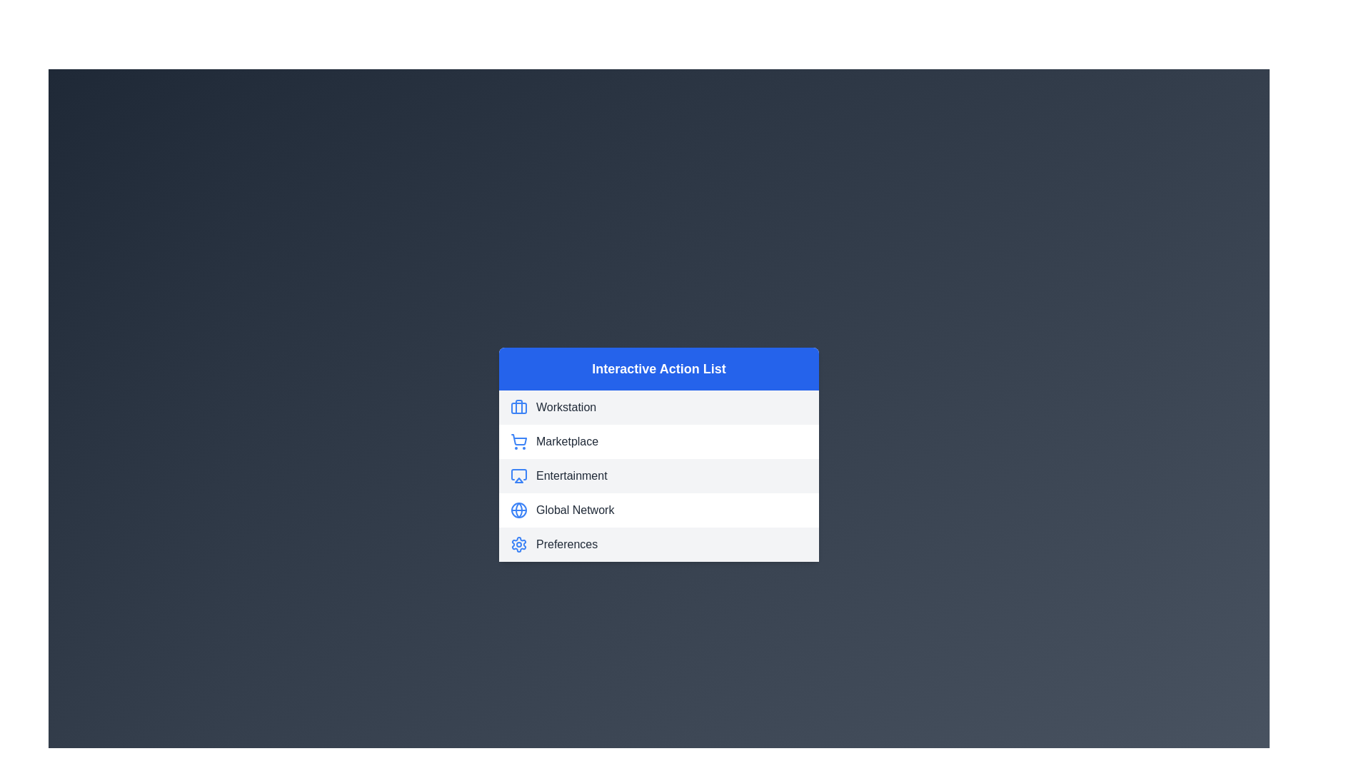 This screenshot has height=771, width=1371. What do you see at coordinates (518, 545) in the screenshot?
I see `the blue gear icon for settings located in the 'Preferences' row at the bottom of the interactive list` at bounding box center [518, 545].